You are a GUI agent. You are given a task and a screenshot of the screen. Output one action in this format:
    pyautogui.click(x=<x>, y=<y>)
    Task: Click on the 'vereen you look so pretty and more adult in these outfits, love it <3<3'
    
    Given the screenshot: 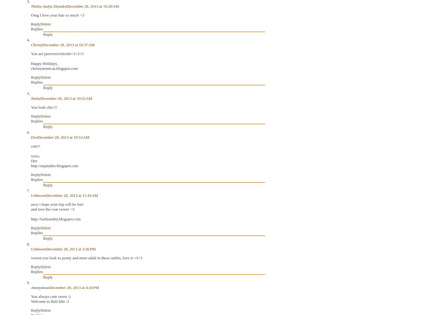 What is the action you would take?
    pyautogui.click(x=86, y=257)
    